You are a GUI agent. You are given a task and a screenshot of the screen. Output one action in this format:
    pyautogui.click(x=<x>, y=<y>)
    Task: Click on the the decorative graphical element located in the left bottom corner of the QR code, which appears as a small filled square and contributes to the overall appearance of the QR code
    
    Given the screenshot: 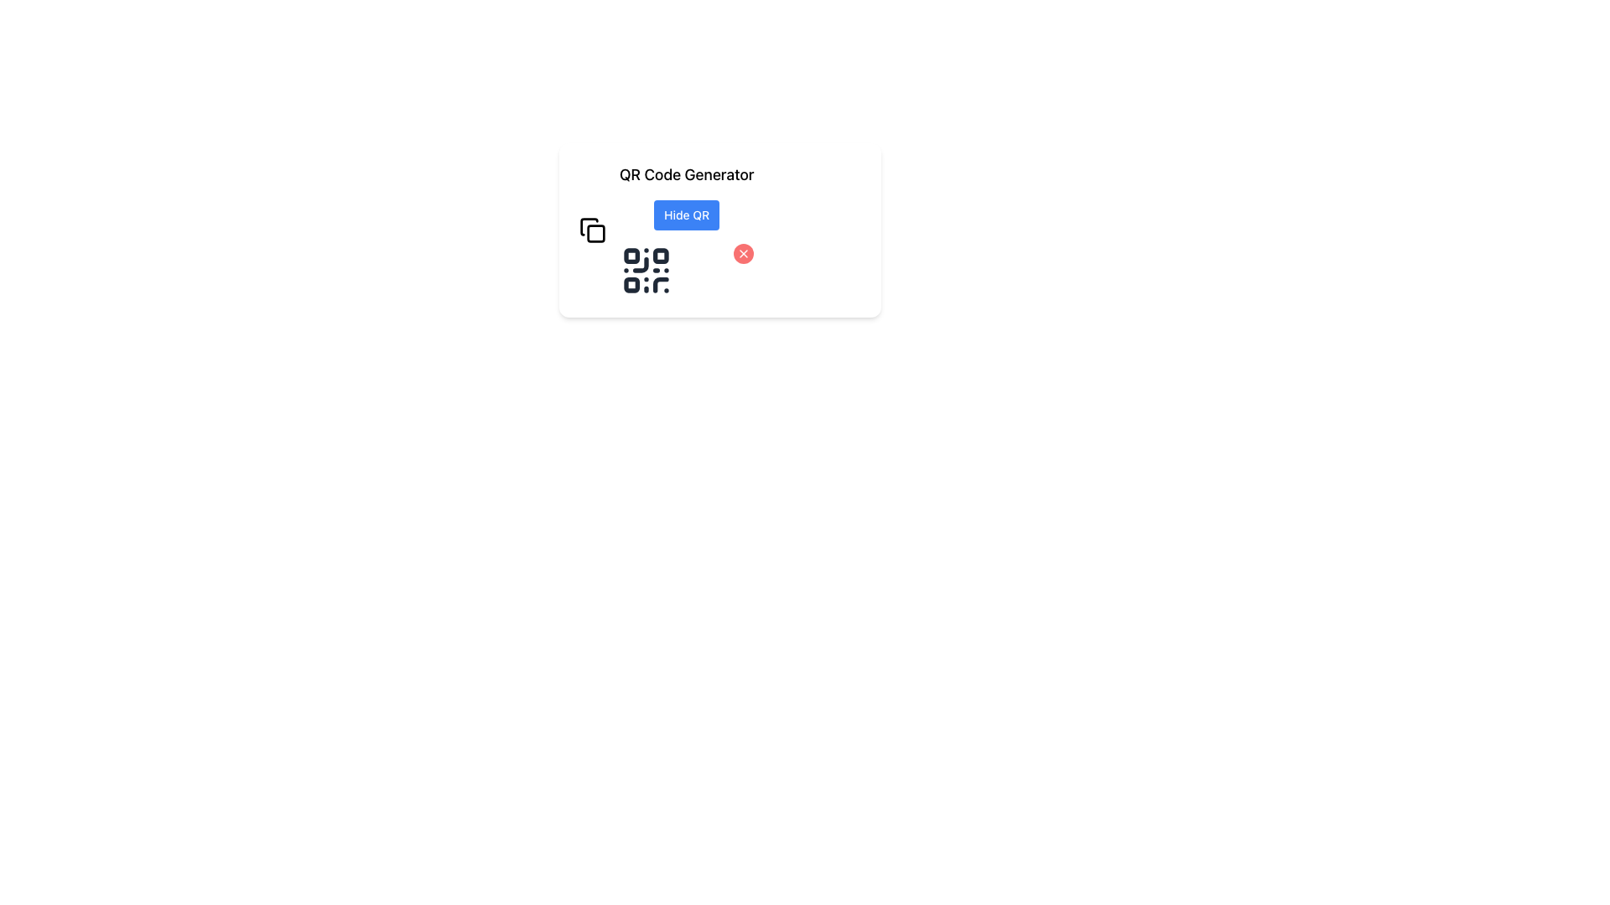 What is the action you would take?
    pyautogui.click(x=631, y=284)
    